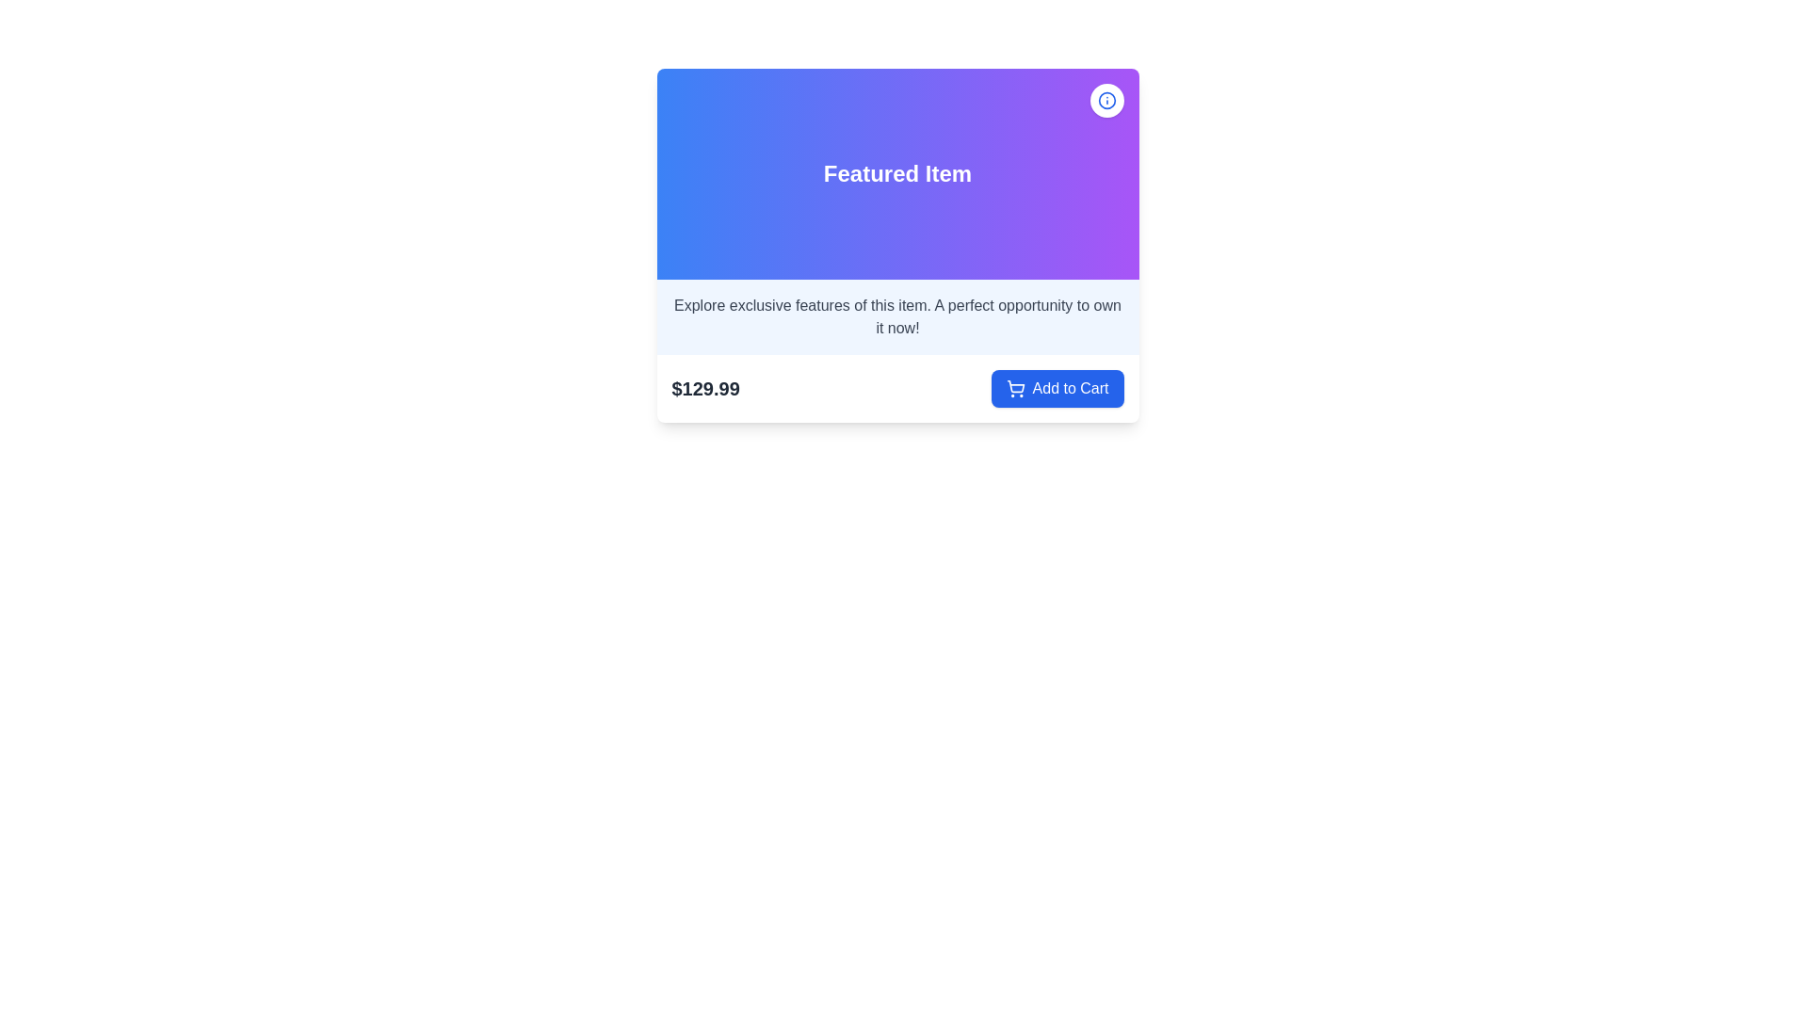  What do you see at coordinates (896, 174) in the screenshot?
I see `the bold text element reading 'Featured Item', which is centrally positioned within a gradient background transitioning from blue to purple` at bounding box center [896, 174].